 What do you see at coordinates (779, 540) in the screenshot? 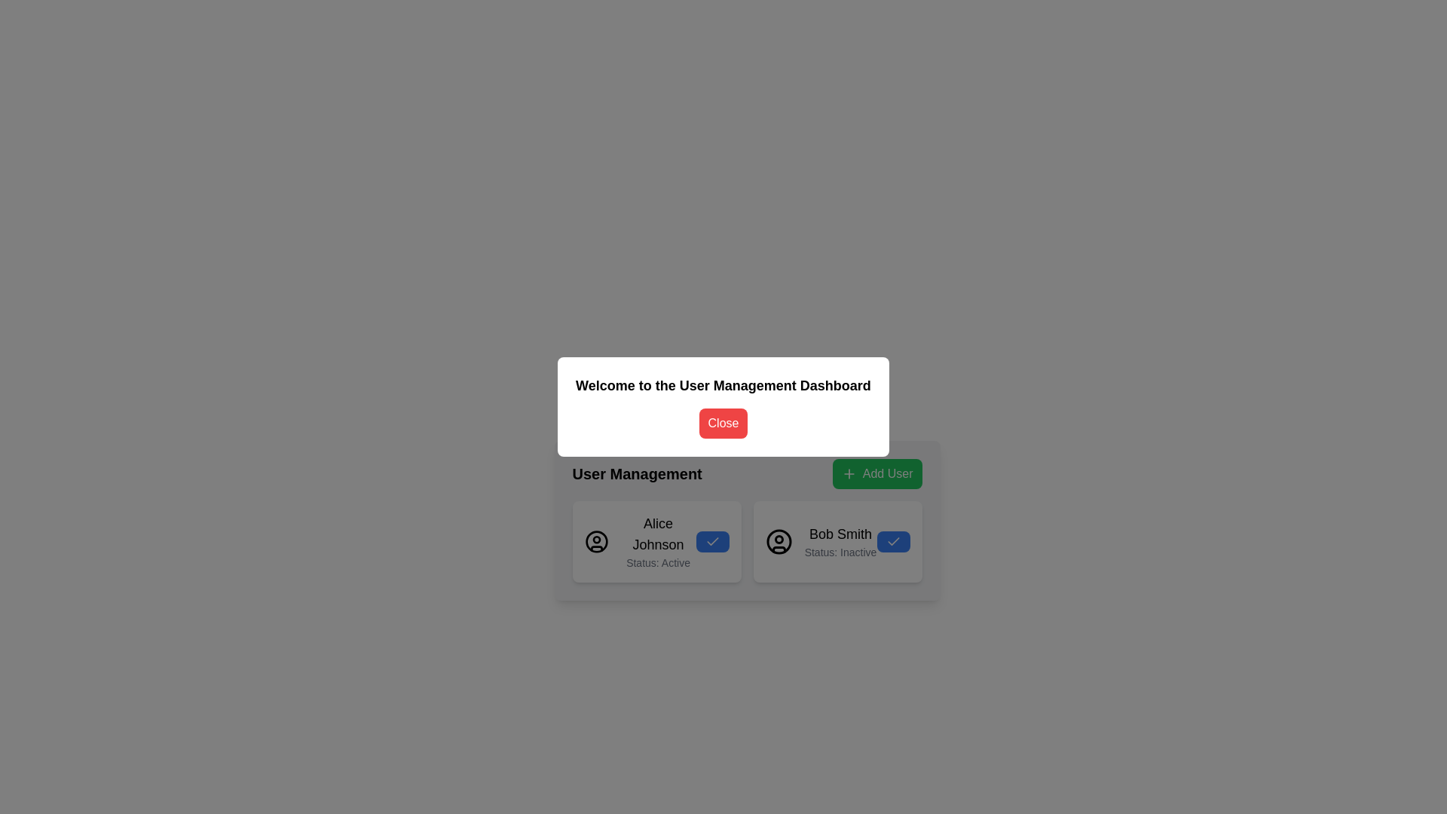
I see `the decorative graphic element representing the user's profile image for 'Bob Smith' in the 'User Management' dashboard` at bounding box center [779, 540].